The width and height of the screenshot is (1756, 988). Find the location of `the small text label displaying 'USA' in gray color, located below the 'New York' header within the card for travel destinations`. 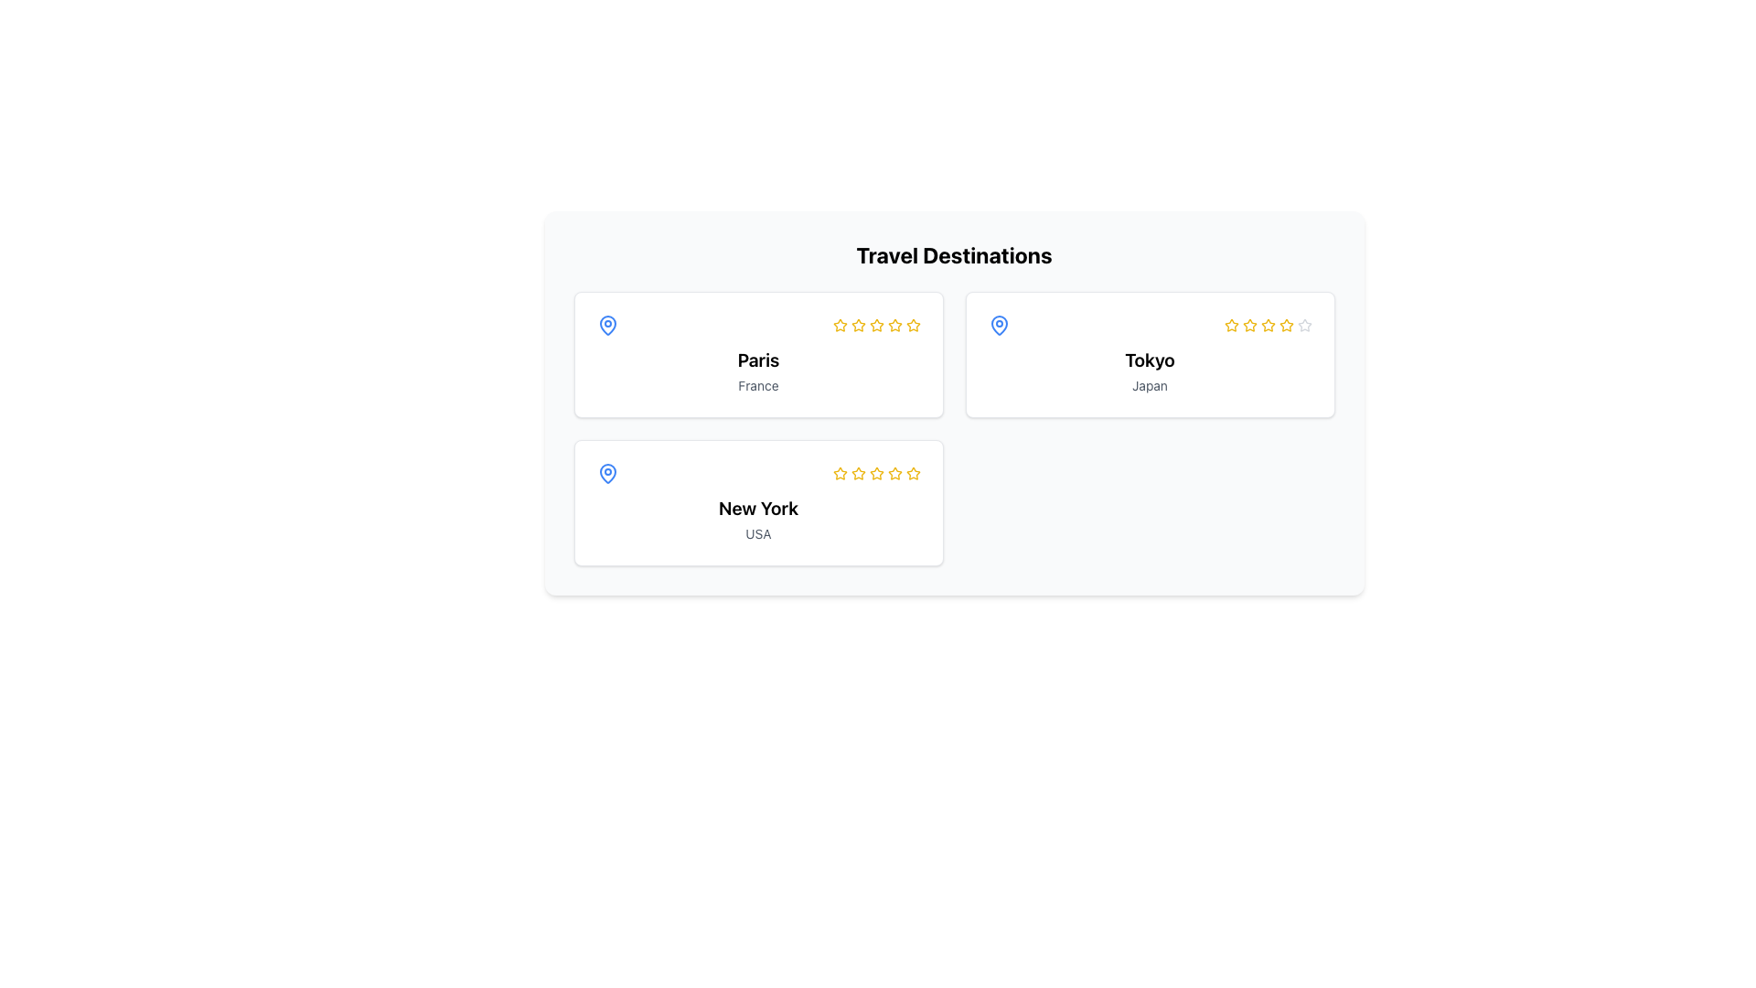

the small text label displaying 'USA' in gray color, located below the 'New York' header within the card for travel destinations is located at coordinates (758, 533).